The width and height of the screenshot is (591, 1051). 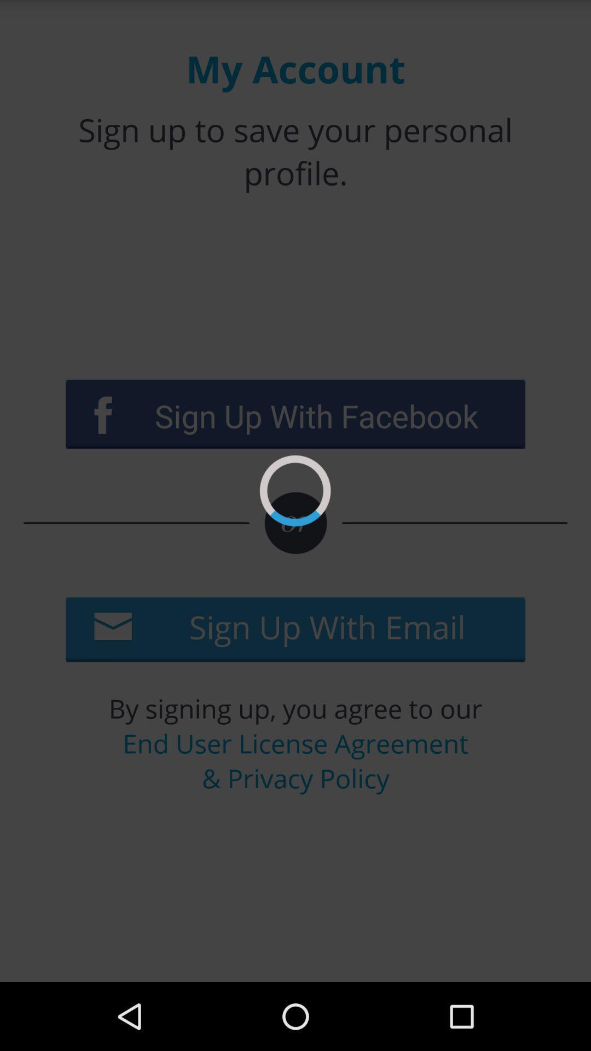 What do you see at coordinates (296, 760) in the screenshot?
I see `end user license icon` at bounding box center [296, 760].